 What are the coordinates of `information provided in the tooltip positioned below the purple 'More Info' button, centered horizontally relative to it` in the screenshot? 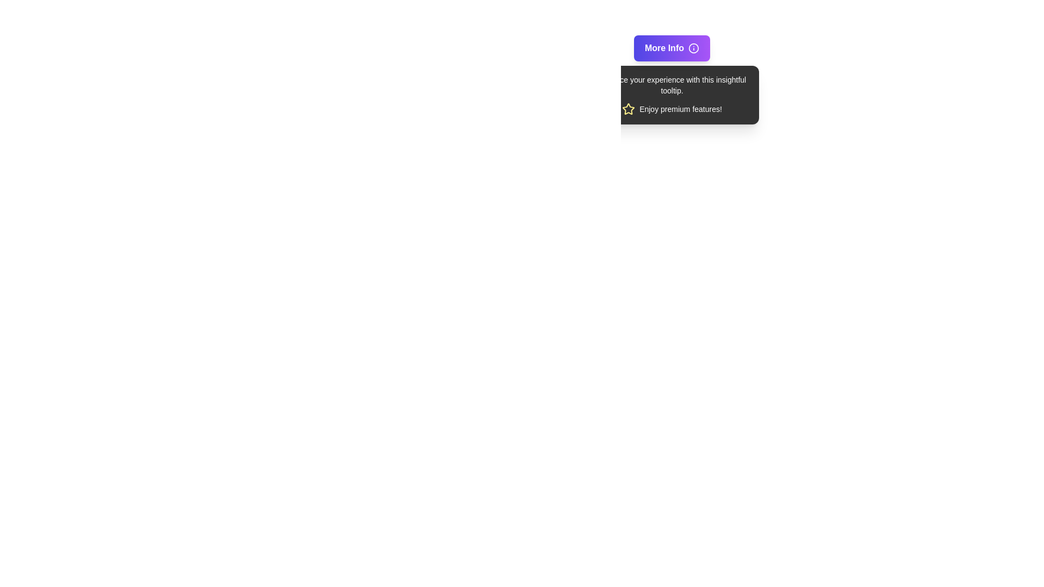 It's located at (672, 94).